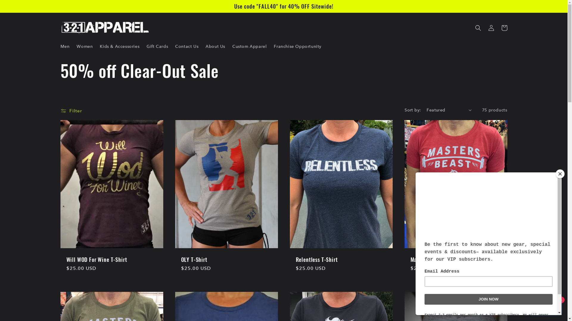 The height and width of the screenshot is (321, 572). I want to click on 'Log in', so click(491, 28).